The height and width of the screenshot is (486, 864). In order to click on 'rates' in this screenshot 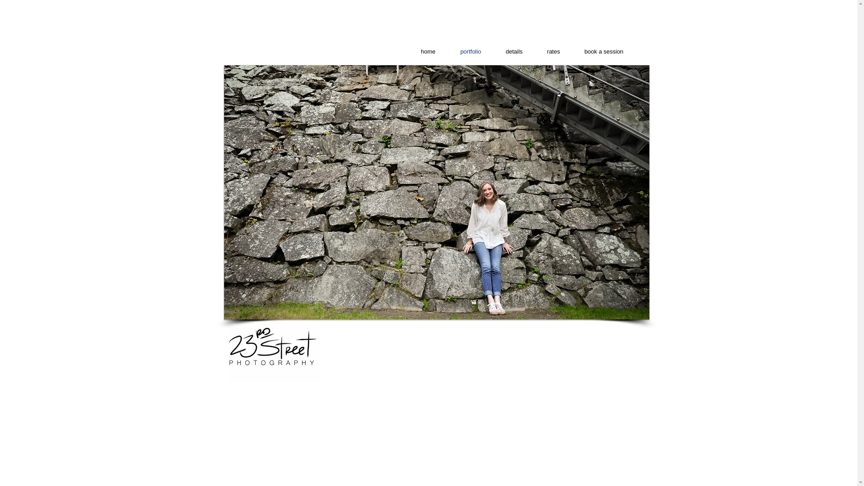, I will do `click(535, 52)`.